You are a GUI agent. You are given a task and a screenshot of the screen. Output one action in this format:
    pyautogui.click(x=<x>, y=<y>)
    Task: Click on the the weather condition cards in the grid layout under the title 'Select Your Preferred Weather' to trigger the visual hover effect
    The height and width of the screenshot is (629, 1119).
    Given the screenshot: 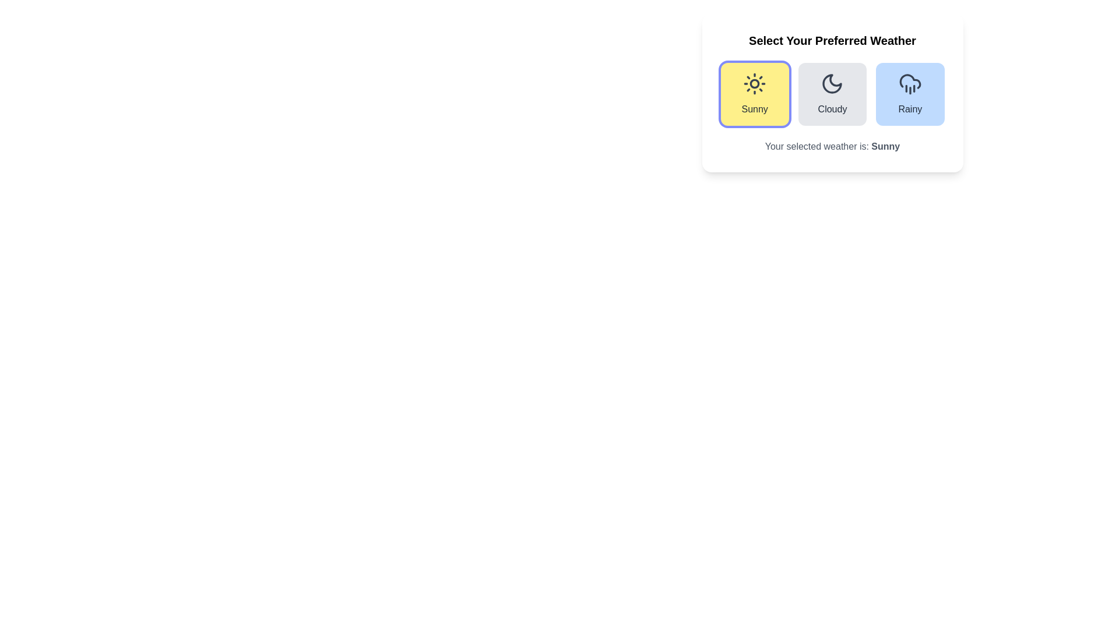 What is the action you would take?
    pyautogui.click(x=832, y=94)
    